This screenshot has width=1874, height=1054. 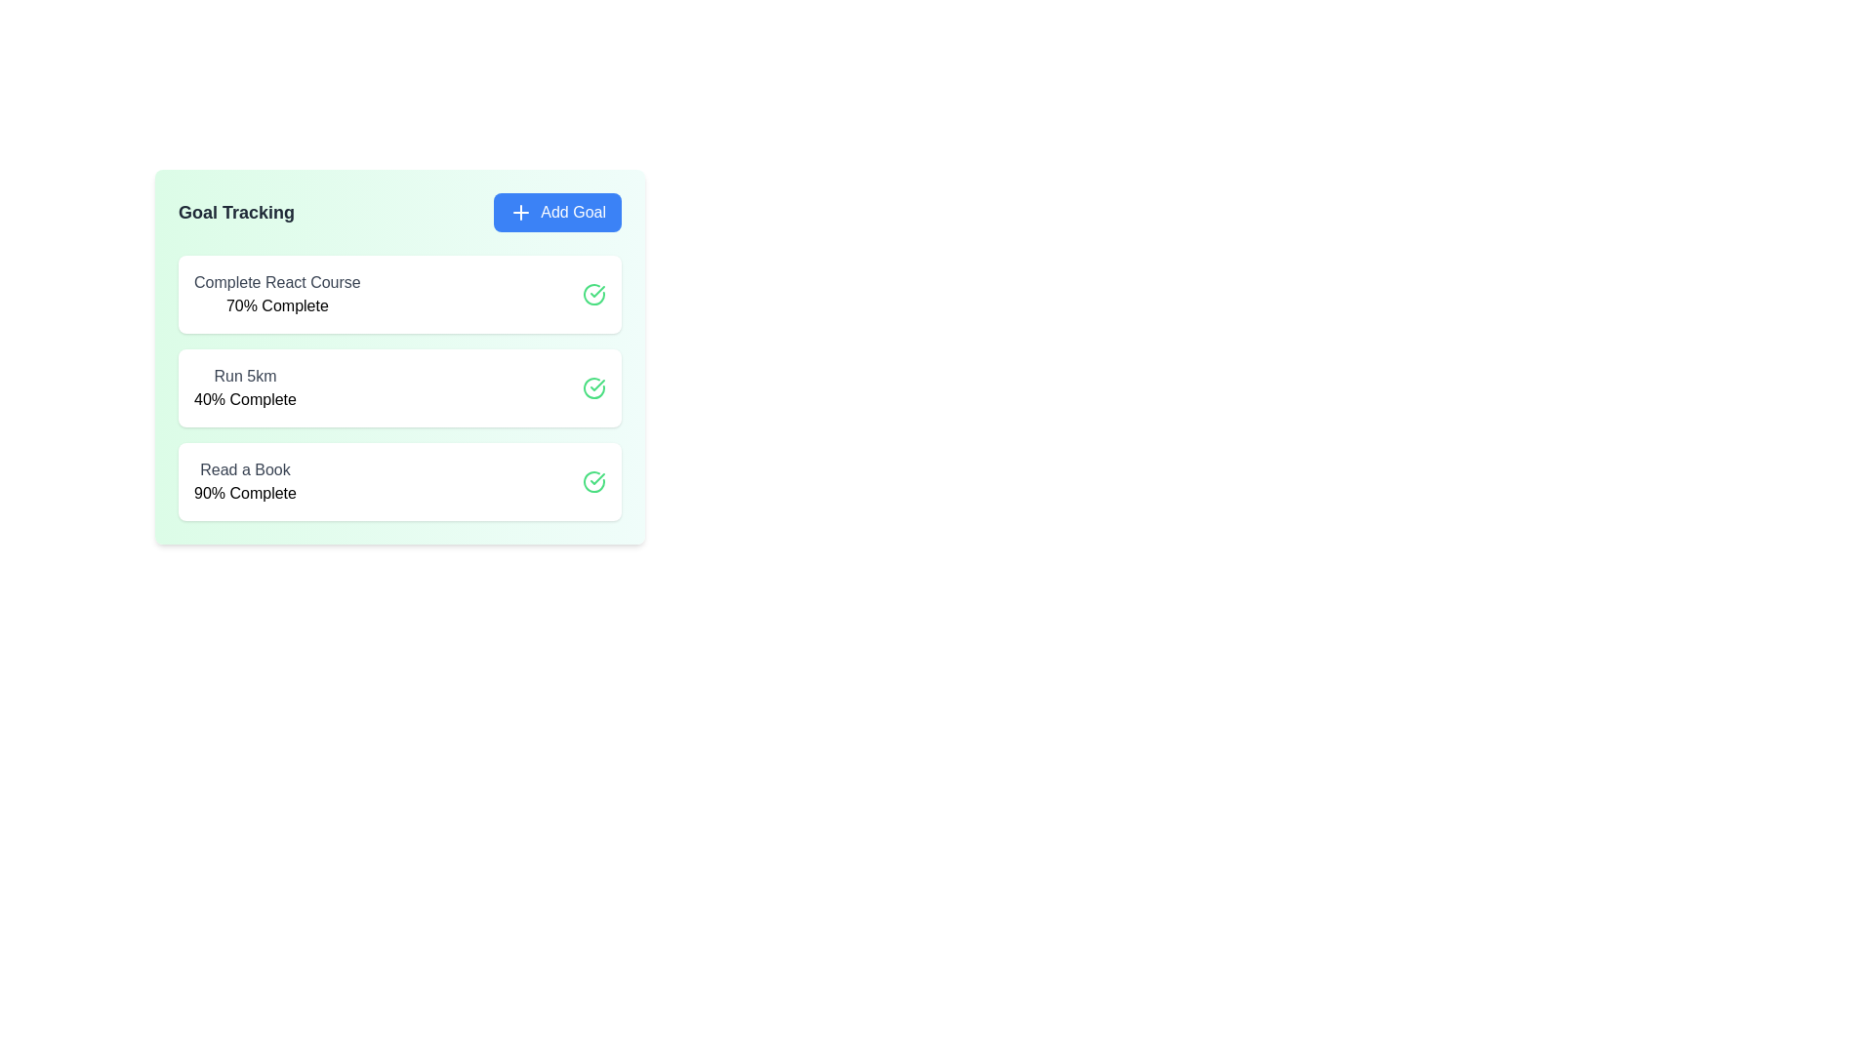 I want to click on the first entry of the vertically-stacked text display component that shows 'Complete React Course' and '70% Complete', so click(x=276, y=294).